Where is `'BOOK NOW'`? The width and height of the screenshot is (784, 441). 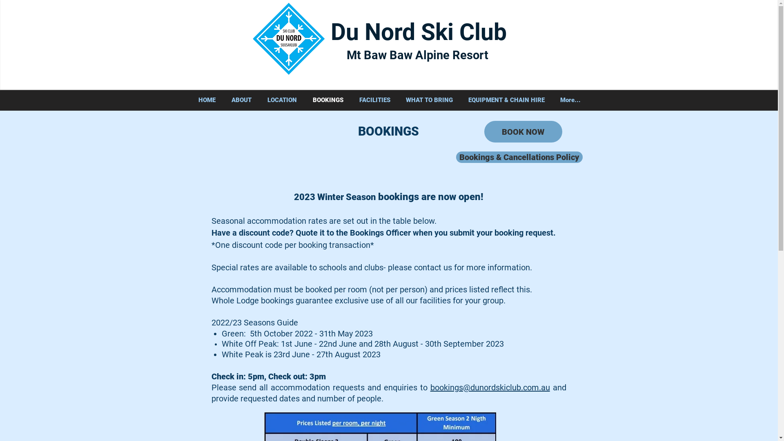 'BOOK NOW' is located at coordinates (523, 131).